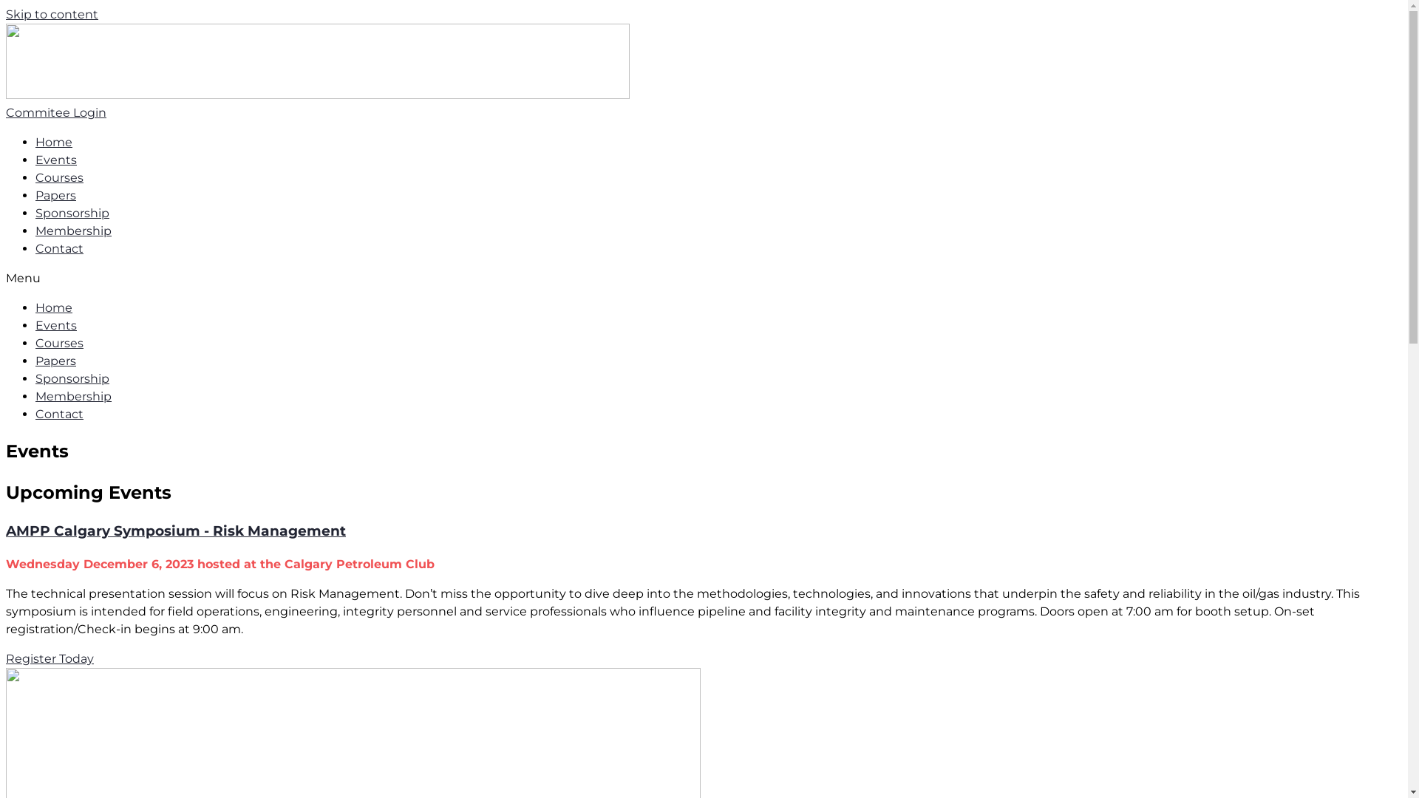  What do you see at coordinates (35, 307) in the screenshot?
I see `'Home'` at bounding box center [35, 307].